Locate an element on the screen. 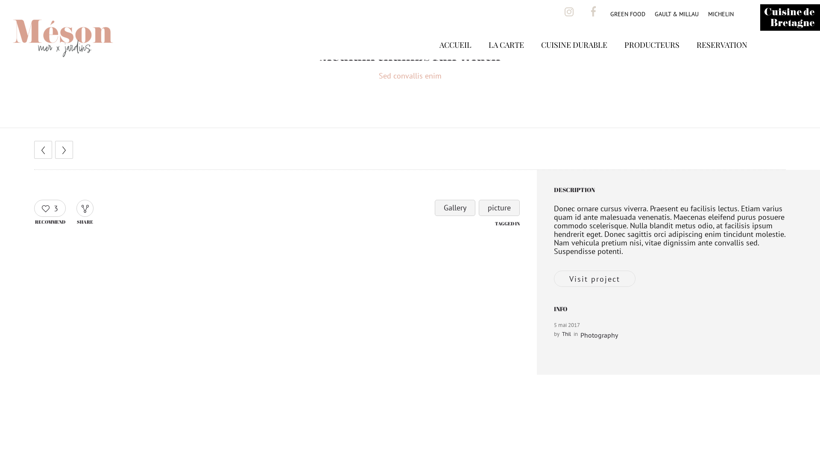 The image size is (820, 461). 'Visit project' is located at coordinates (594, 278).